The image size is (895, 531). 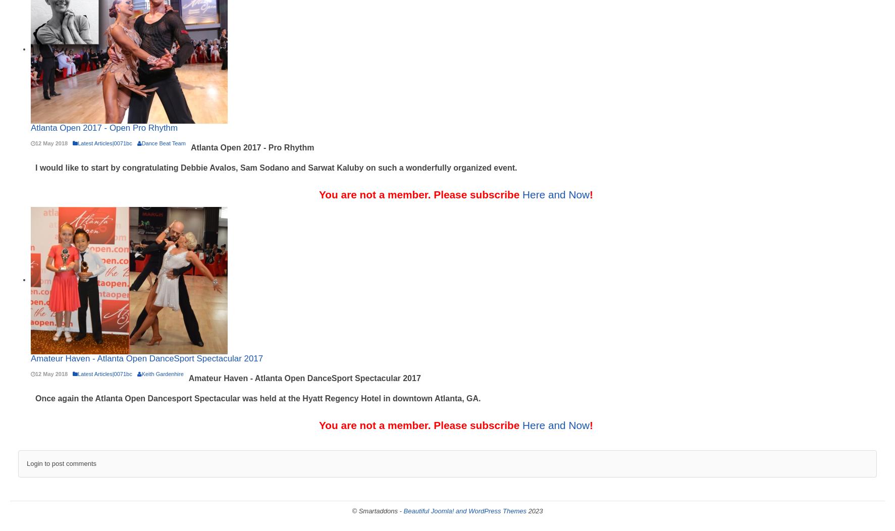 What do you see at coordinates (465, 510) in the screenshot?
I see `'Beautiful Joomla! and WordPress Themes'` at bounding box center [465, 510].